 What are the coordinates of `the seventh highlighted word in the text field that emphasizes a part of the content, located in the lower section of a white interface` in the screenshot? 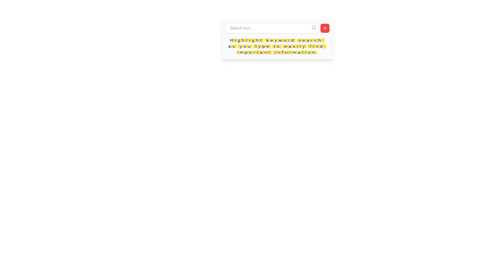 It's located at (255, 40).